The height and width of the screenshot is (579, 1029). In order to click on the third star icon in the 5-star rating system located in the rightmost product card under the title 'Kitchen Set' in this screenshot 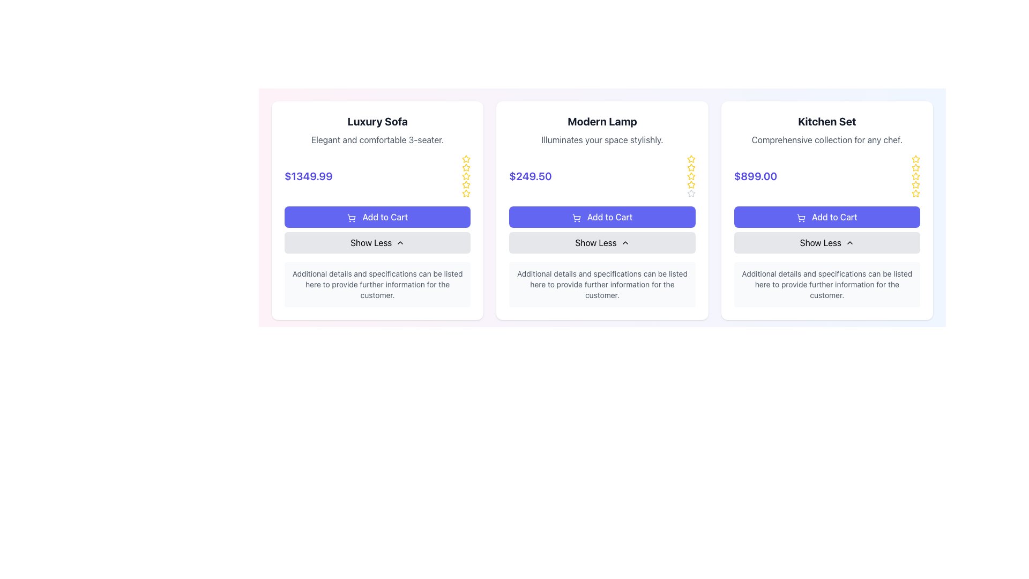, I will do `click(915, 167)`.